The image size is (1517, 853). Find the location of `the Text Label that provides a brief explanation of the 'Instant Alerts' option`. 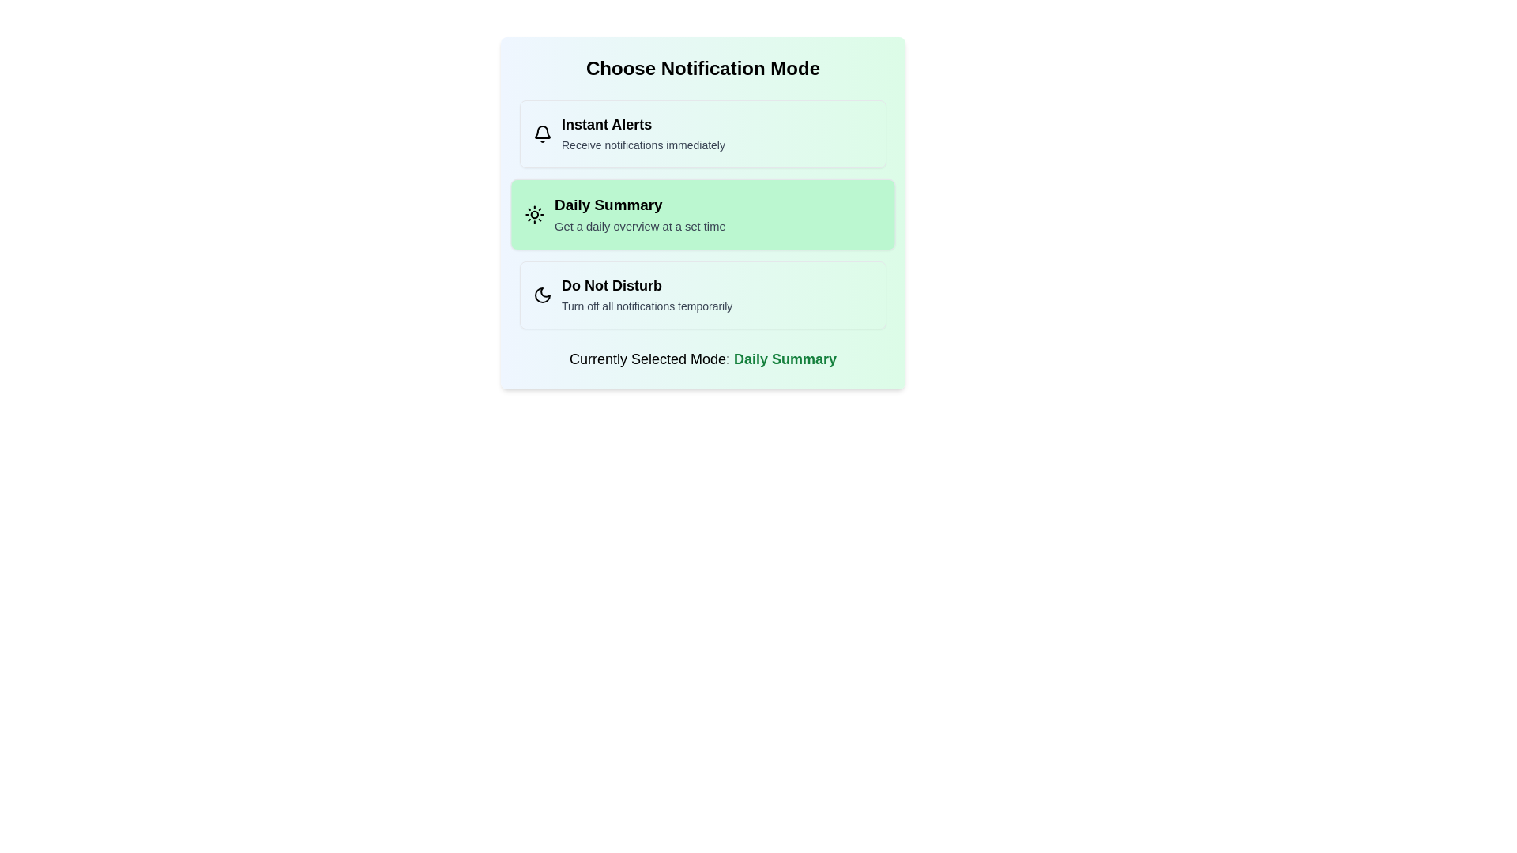

the Text Label that provides a brief explanation of the 'Instant Alerts' option is located at coordinates (643, 145).